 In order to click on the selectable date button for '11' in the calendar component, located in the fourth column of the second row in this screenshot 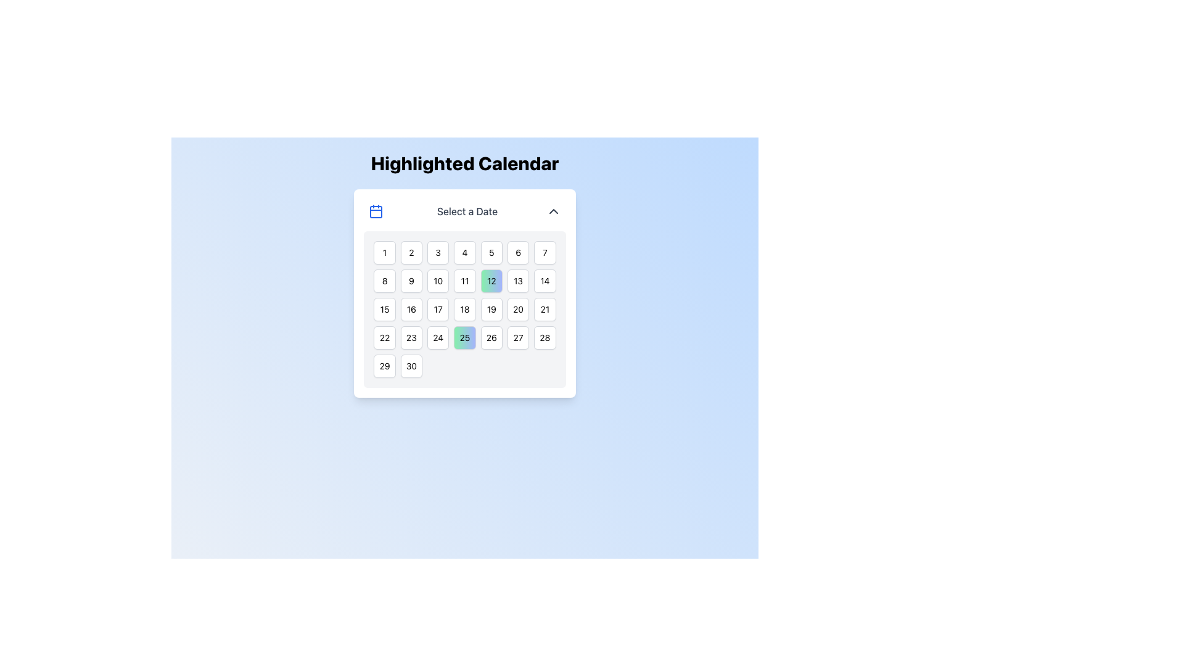, I will do `click(464, 281)`.